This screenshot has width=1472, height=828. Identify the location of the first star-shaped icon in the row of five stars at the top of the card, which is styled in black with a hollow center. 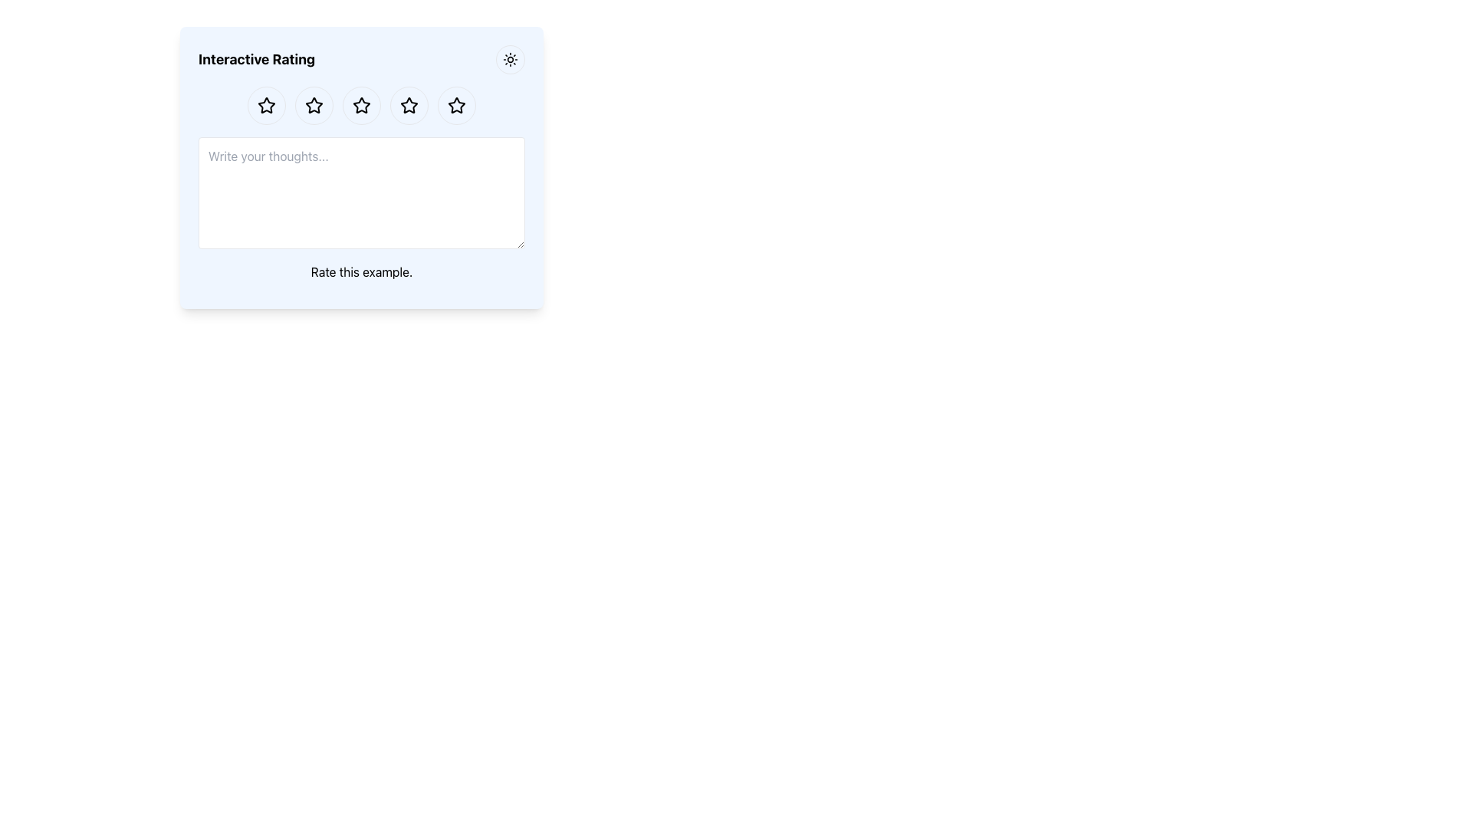
(266, 104).